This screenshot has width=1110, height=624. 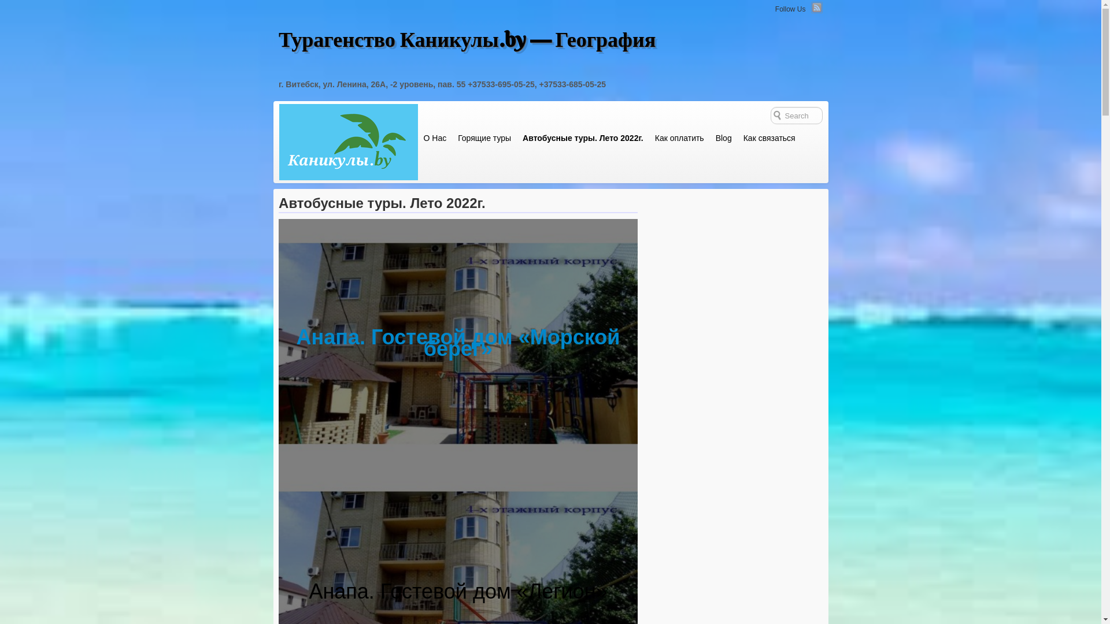 What do you see at coordinates (709, 138) in the screenshot?
I see `'Blog'` at bounding box center [709, 138].